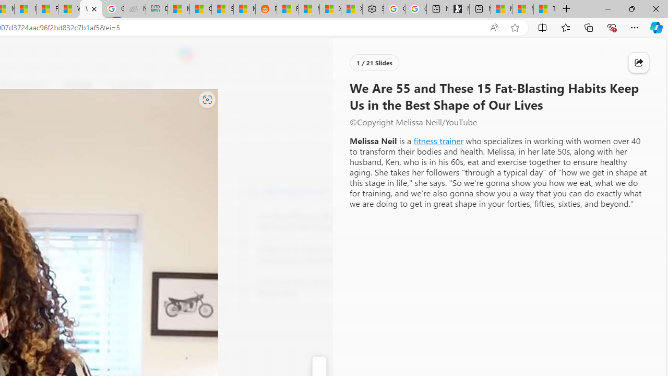 Image resolution: width=668 pixels, height=376 pixels. What do you see at coordinates (438, 140) in the screenshot?
I see `'fitness trainer'` at bounding box center [438, 140].